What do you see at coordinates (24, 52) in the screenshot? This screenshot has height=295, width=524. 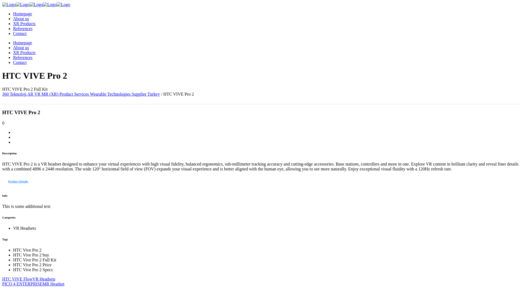 I see `'XR Products'` at bounding box center [24, 52].